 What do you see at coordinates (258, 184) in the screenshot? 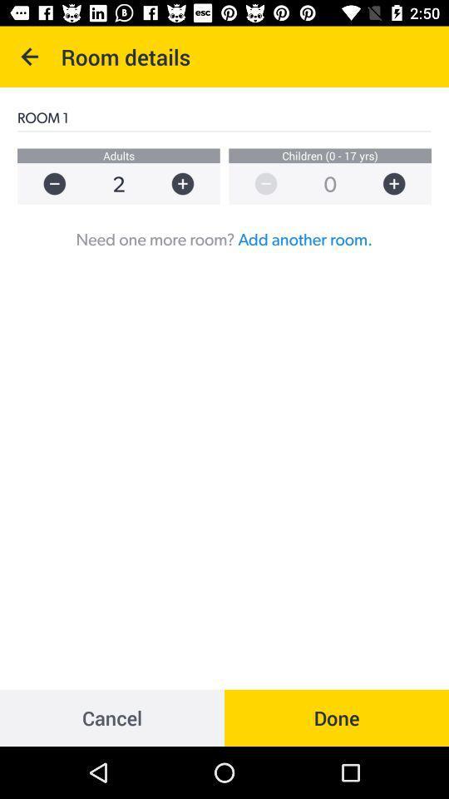
I see `age minimul` at bounding box center [258, 184].